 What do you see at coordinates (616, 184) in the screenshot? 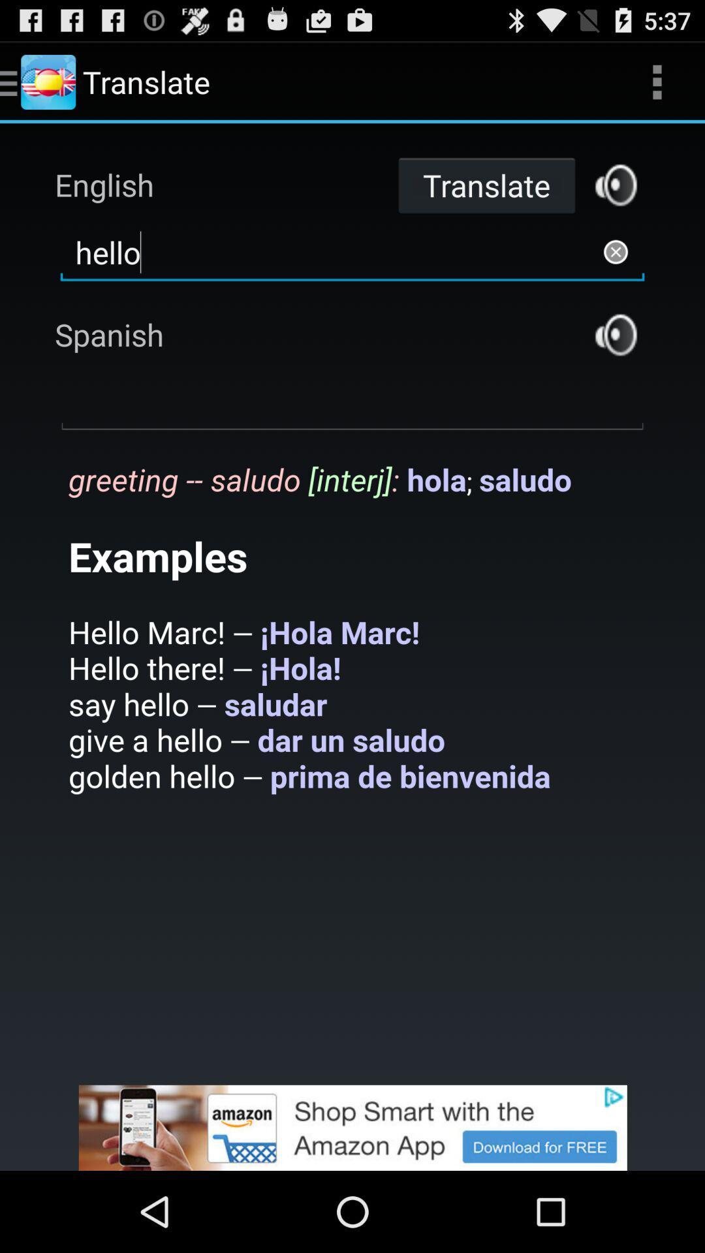
I see `translates this phrase` at bounding box center [616, 184].